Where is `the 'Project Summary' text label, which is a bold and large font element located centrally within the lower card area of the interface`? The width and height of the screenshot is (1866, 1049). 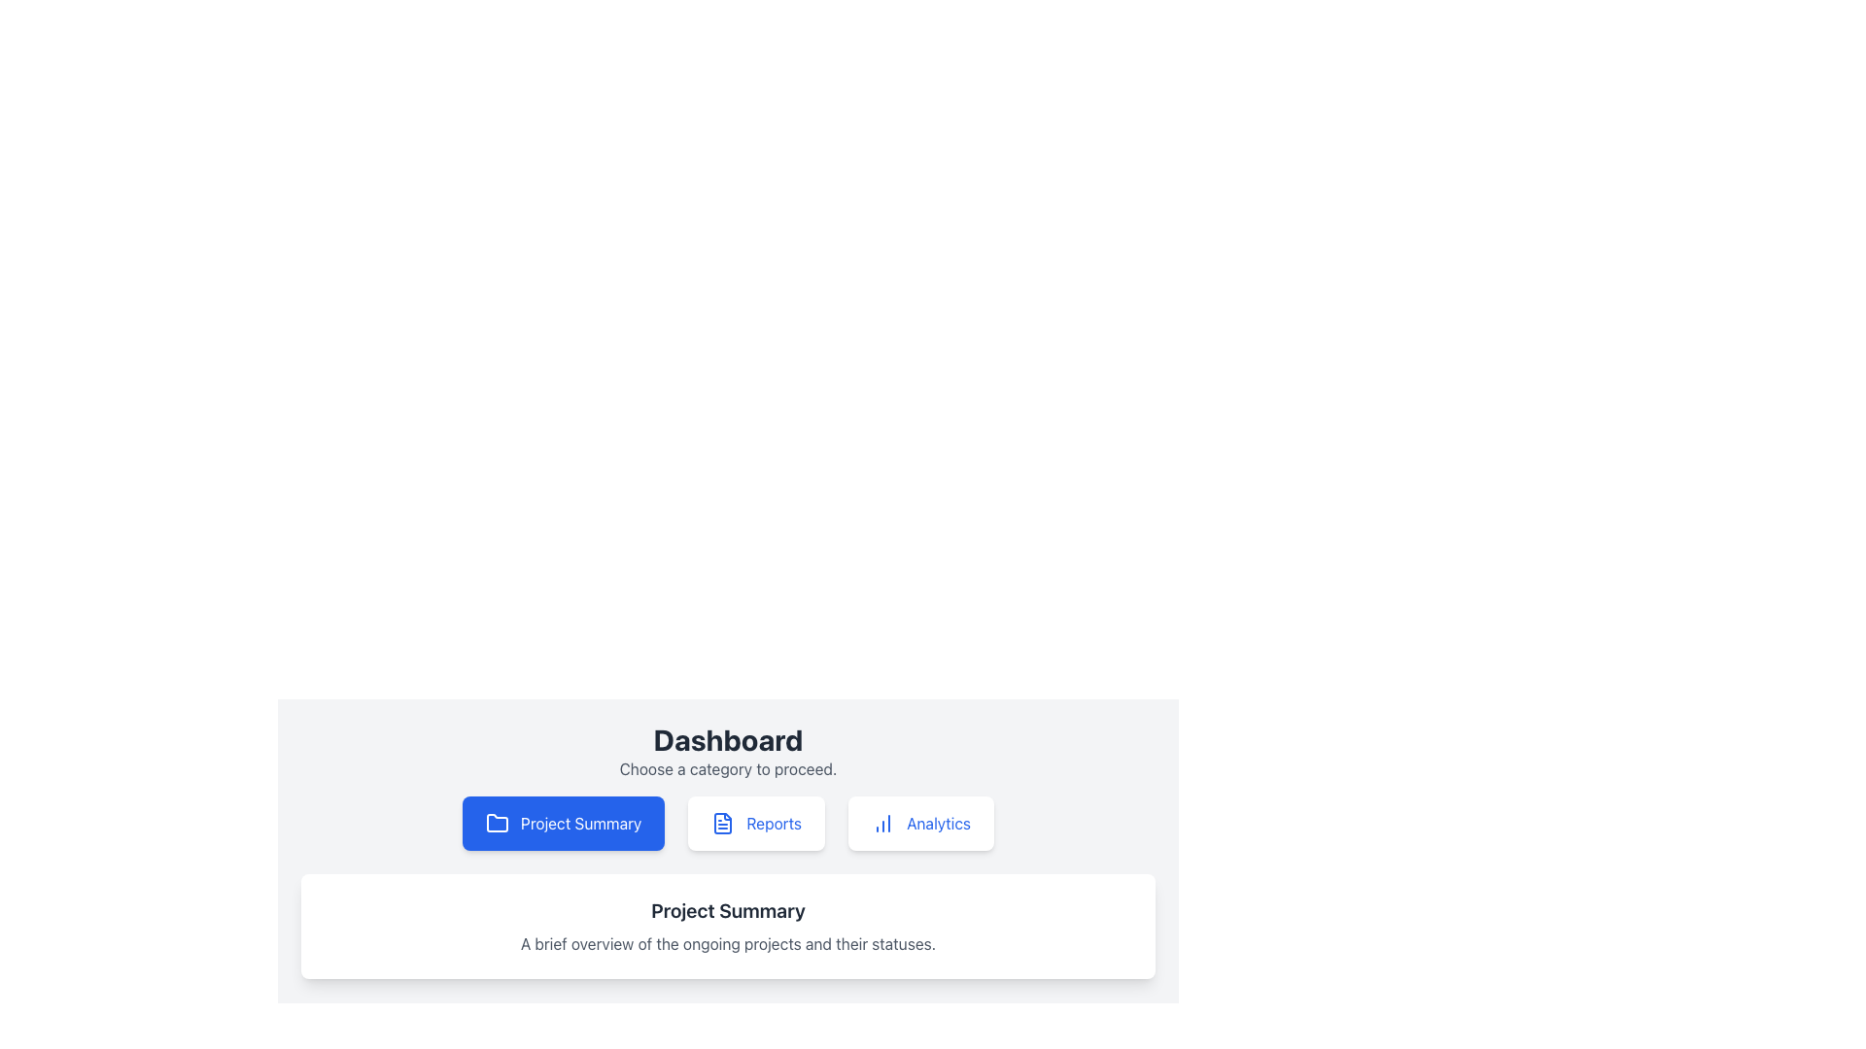 the 'Project Summary' text label, which is a bold and large font element located centrally within the lower card area of the interface is located at coordinates (727, 910).